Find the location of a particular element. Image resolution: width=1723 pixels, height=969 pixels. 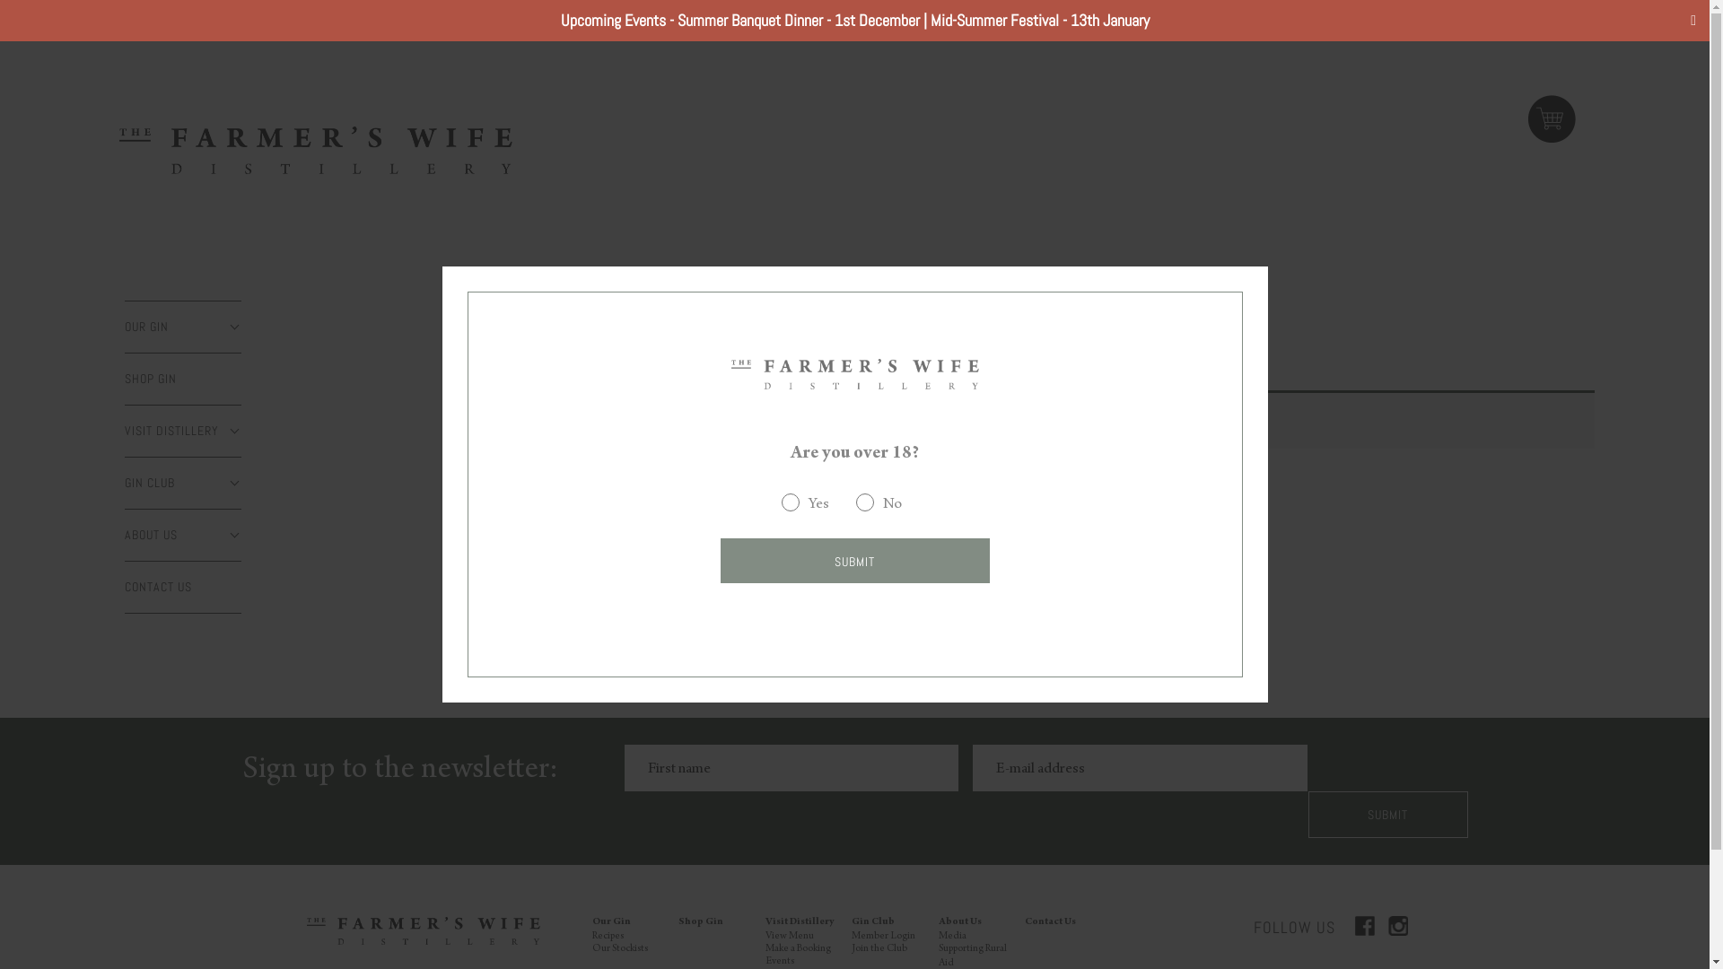

'VISIT DISTILLERY' is located at coordinates (183, 431).